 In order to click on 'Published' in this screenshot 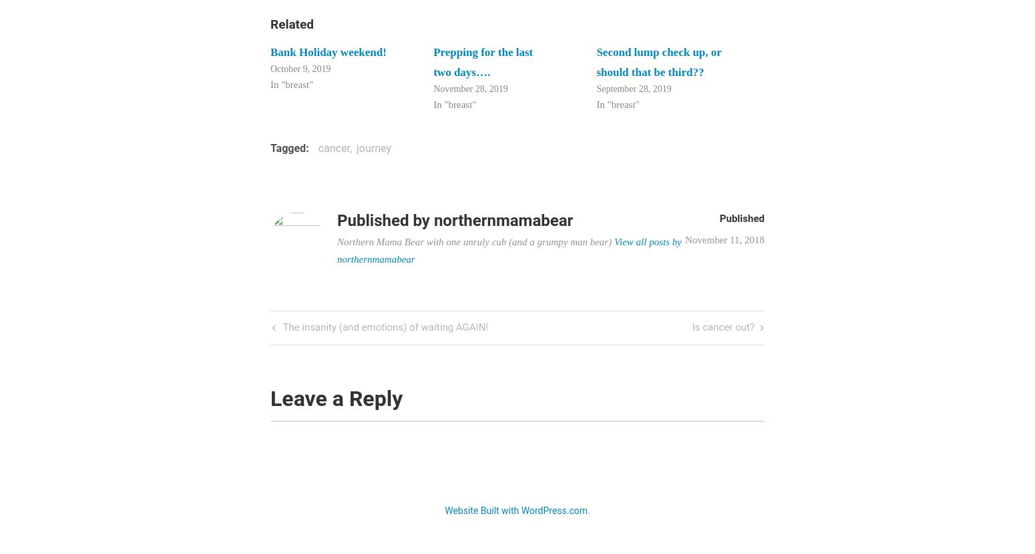, I will do `click(718, 217)`.